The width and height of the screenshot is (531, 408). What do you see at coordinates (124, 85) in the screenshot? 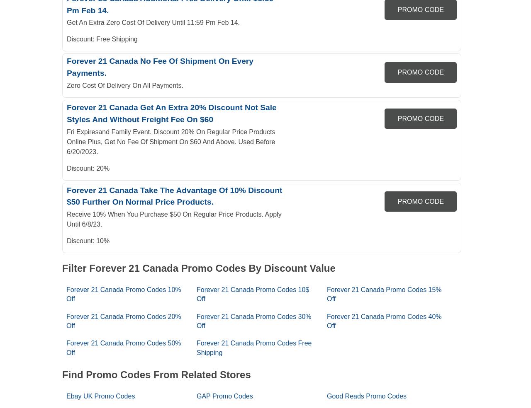
I see `'Zero Cost Of Delivery On All Payments.'` at bounding box center [124, 85].